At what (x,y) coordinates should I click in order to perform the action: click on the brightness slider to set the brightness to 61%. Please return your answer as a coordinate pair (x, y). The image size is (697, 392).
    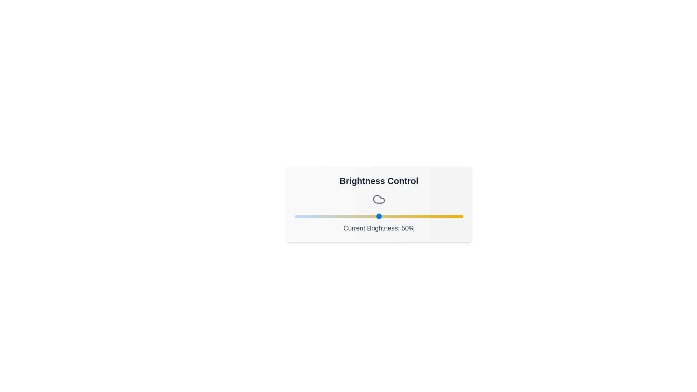
    Looking at the image, I should click on (397, 216).